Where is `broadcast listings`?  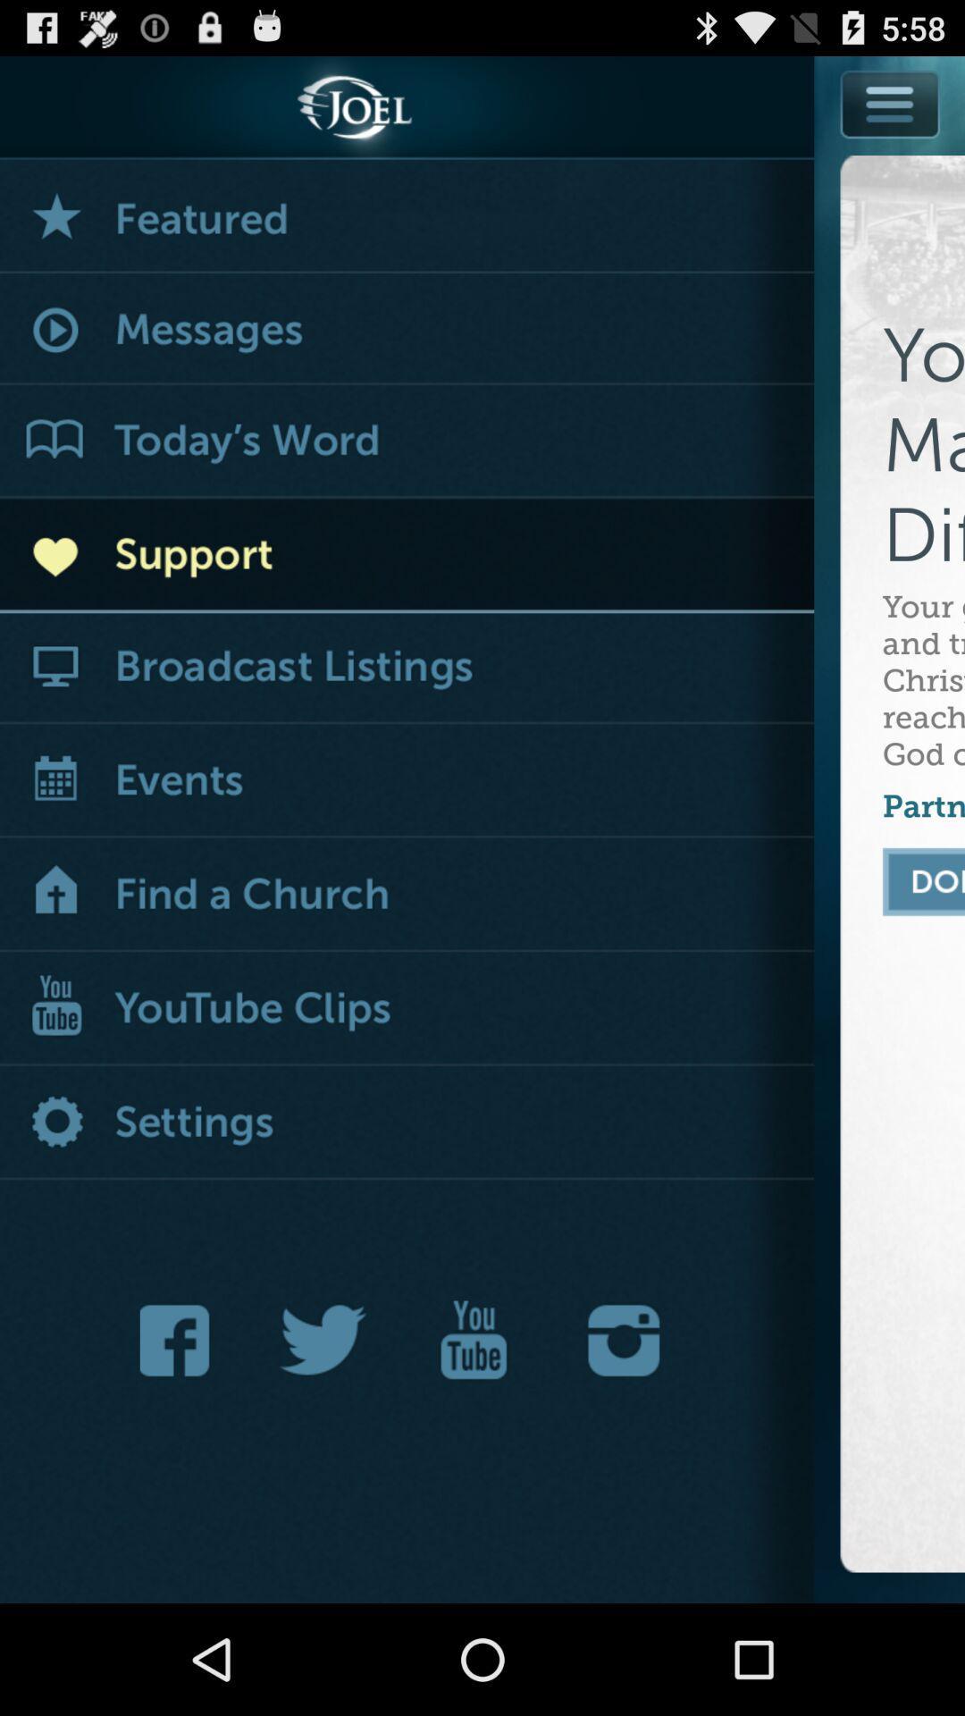
broadcast listings is located at coordinates (407, 667).